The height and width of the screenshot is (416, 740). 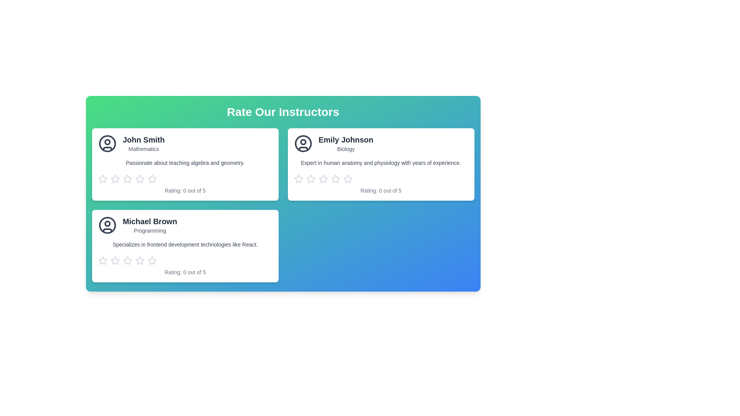 What do you see at coordinates (347, 179) in the screenshot?
I see `the fifth star-shaped icon in the five-star rating component below the instructor card for Emily Johnson` at bounding box center [347, 179].